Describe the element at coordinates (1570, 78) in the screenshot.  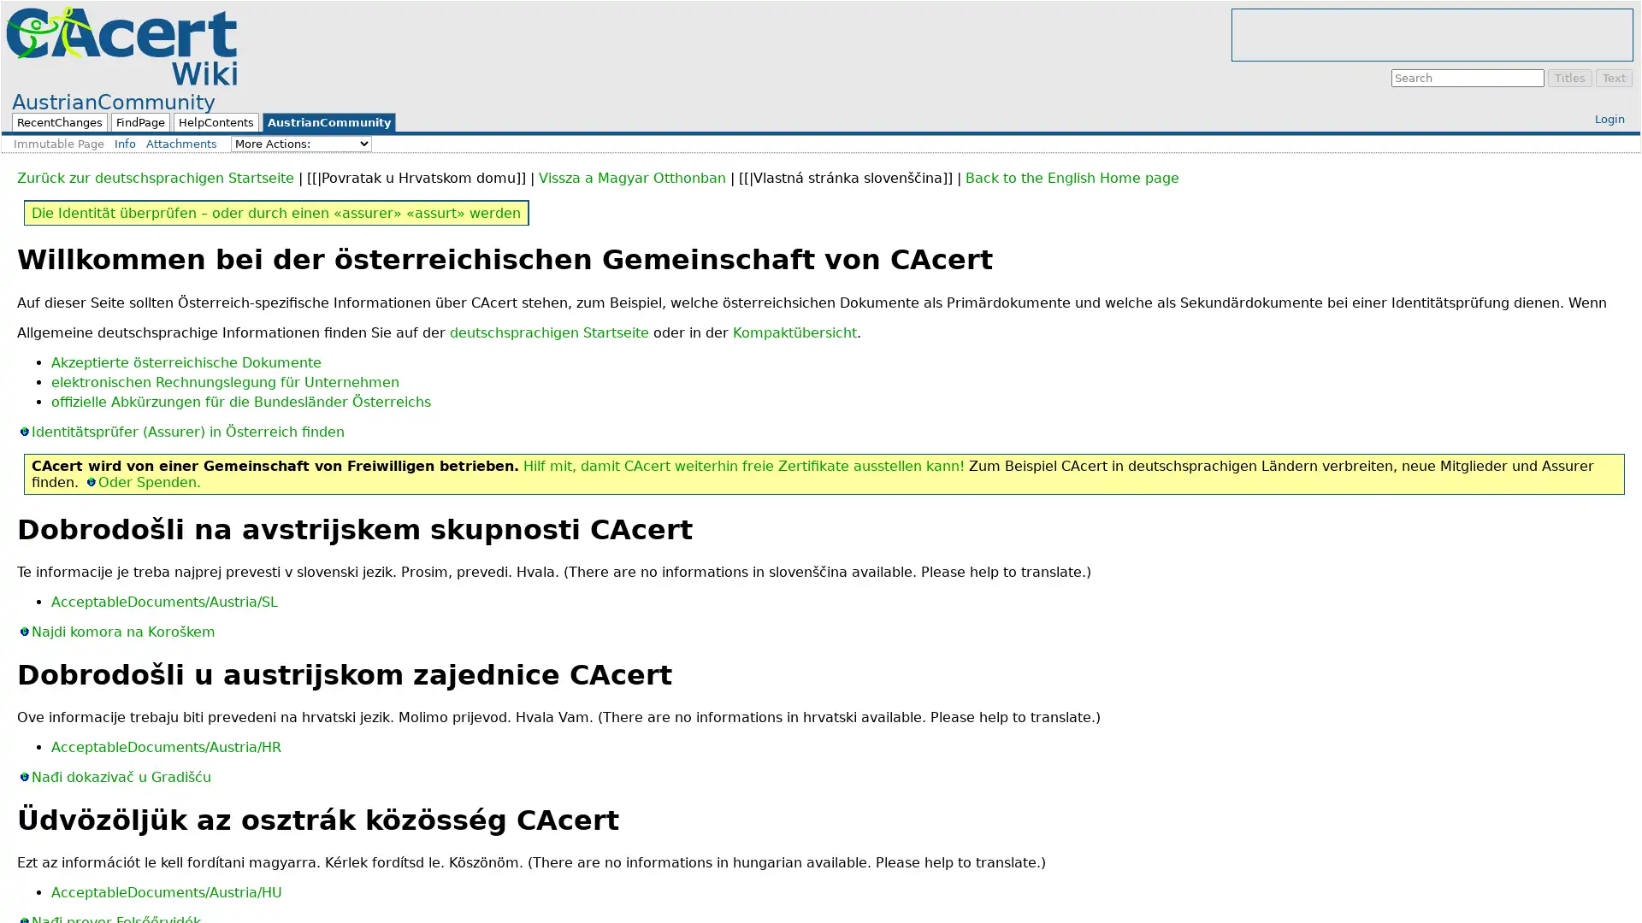
I see `Titles` at that location.